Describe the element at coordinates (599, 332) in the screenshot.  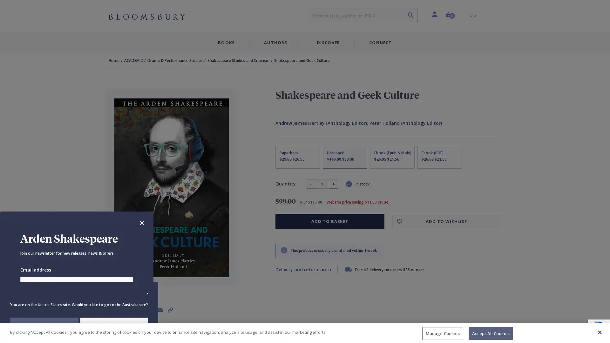
I see `Close` at that location.